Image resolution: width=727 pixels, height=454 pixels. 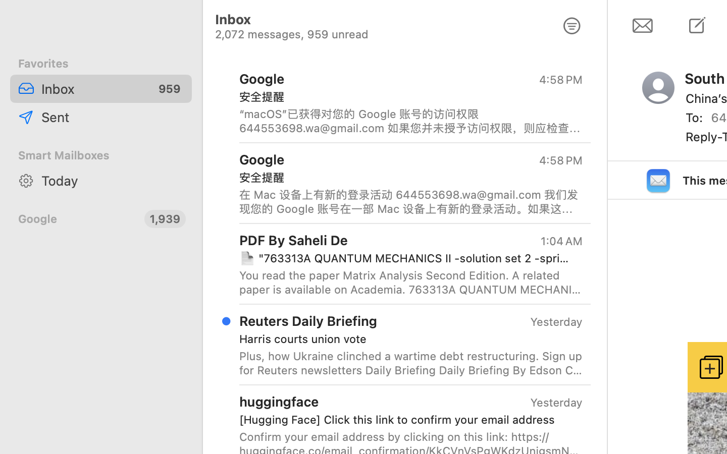 I want to click on '在 Mac 设备上有新的登录活动 644553698.wa@gmail.com 我们发现您的 Google 账号在一部 Mac 设备上有新的登录活动。如果这是您本人的操作，那么您无需采取任何行动。如果这不是您本人的操作，我们会帮助您保护您的账号。 查看活动 您也可以访问以下网址查看安全性活动： https://myaccount.google.com/notifications 我们向您发送这封电子邮件，目的是让您了解关于您的 Google 账号和服务的重大变化。 © 2024 Google LLC, 1600 Amphitheatre Parkway, Mountain View, CA 94043, USA', so click(x=411, y=201).